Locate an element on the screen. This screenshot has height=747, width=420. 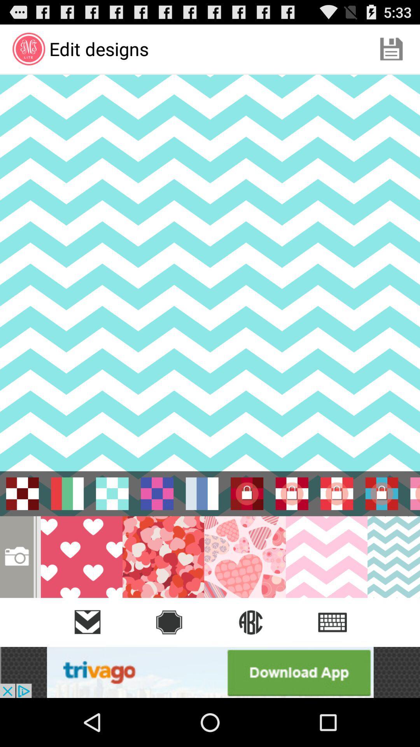
the item at the top right corner is located at coordinates (391, 48).